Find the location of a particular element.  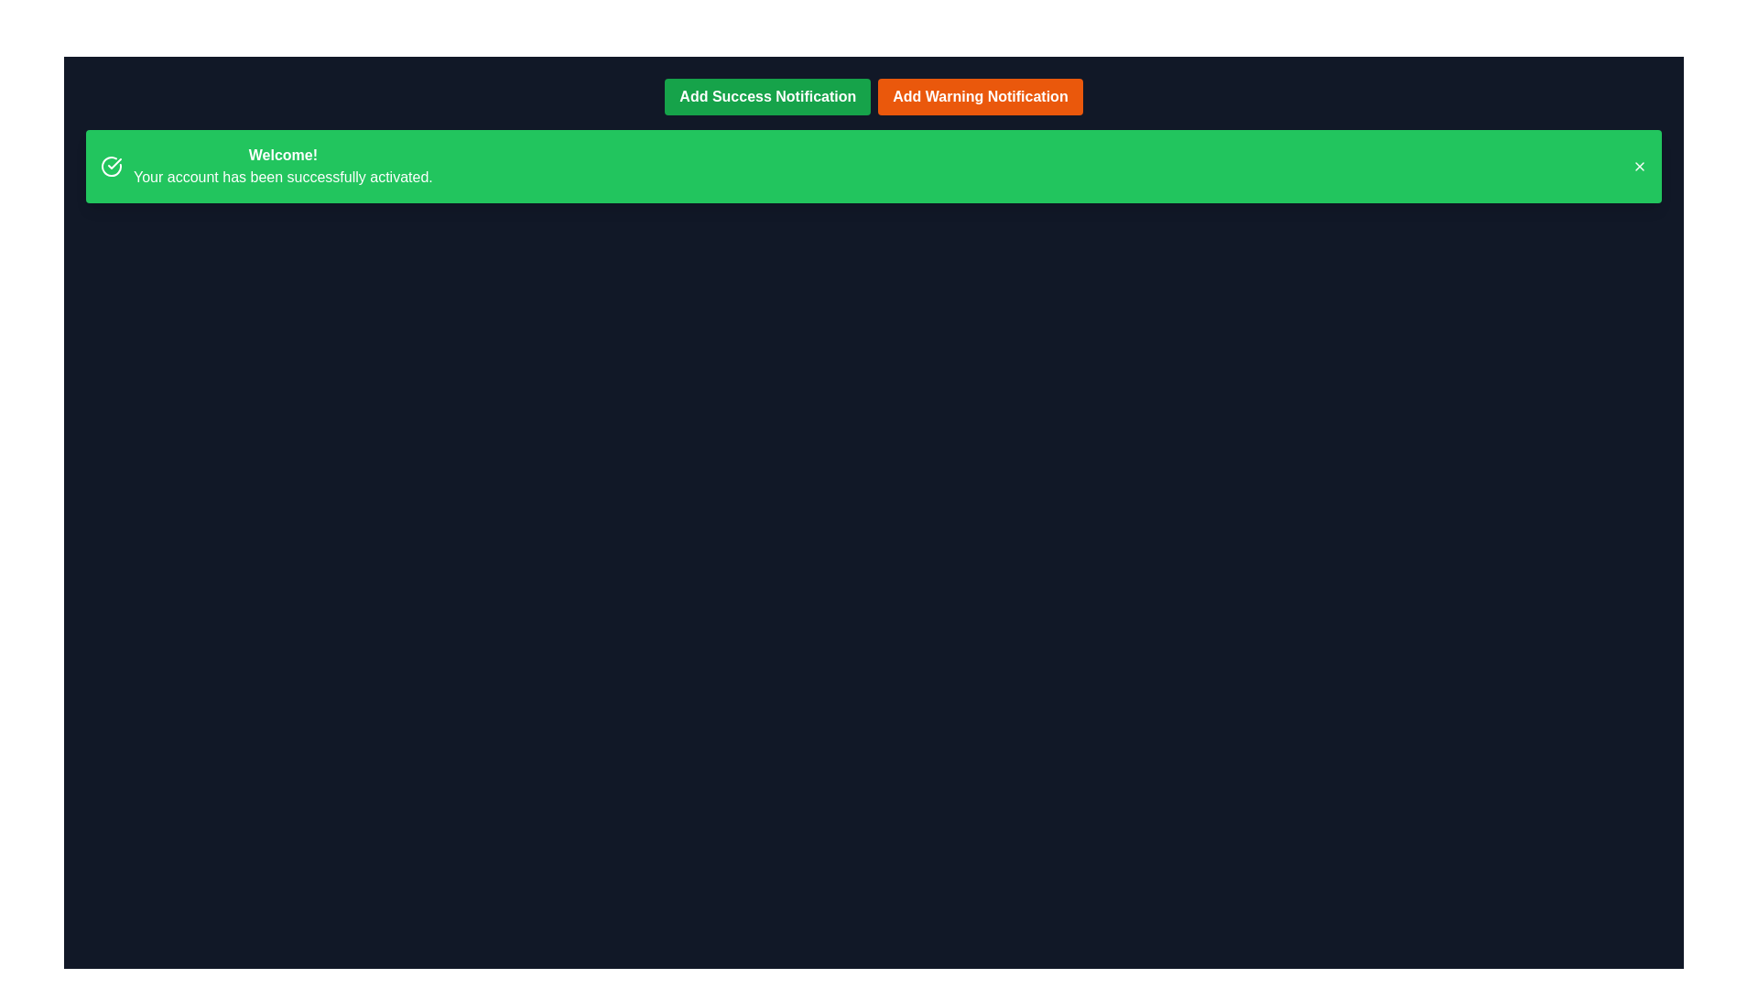

the small 'X' icon with a white outline on a green rectangular background located at the far-right end of the notification bar is located at coordinates (1639, 166).